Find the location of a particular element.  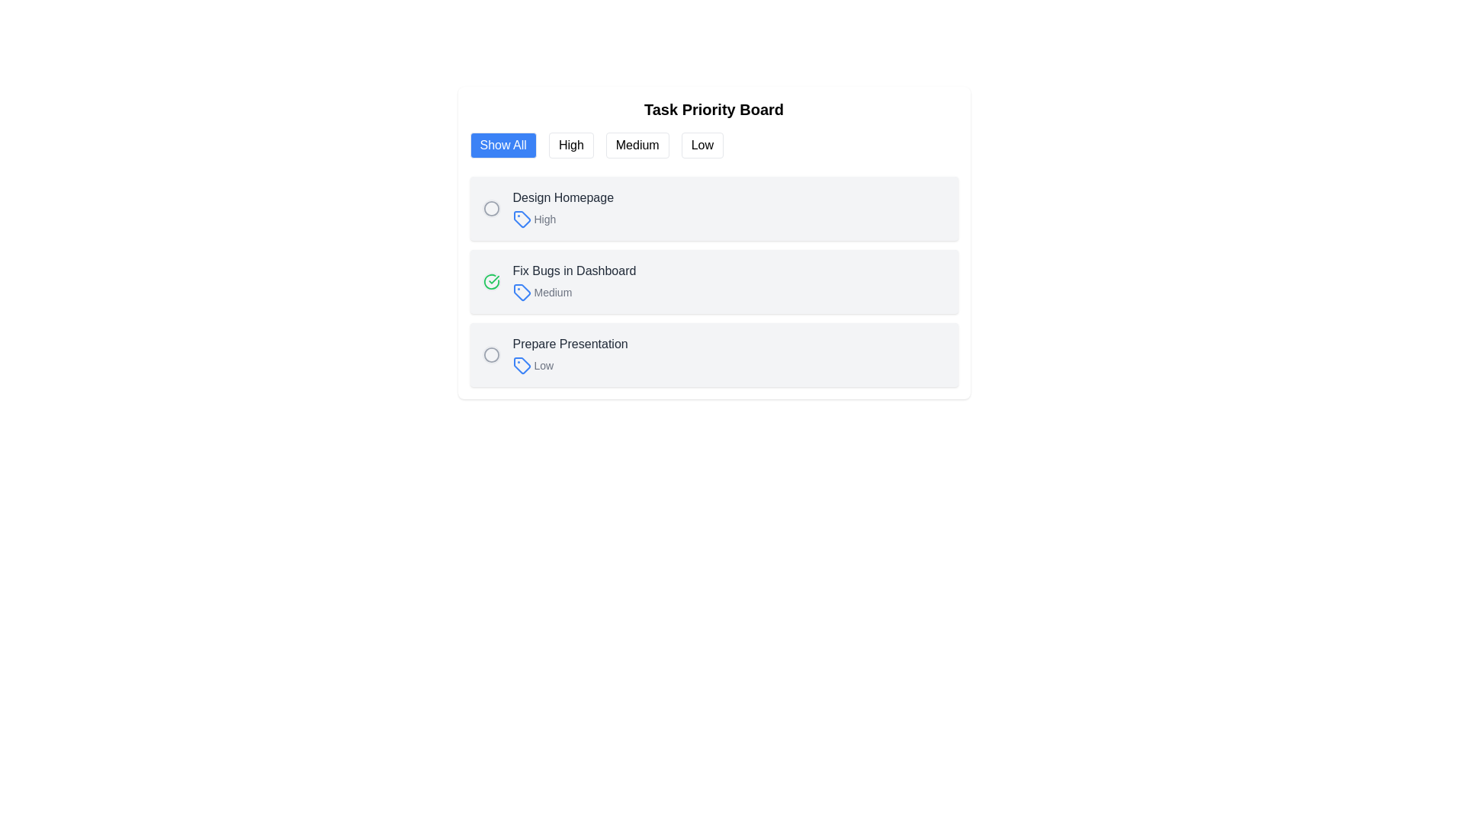

the 'Prepare Presentation' low-priority task Text Label with Icon, which is the third item in the task list under the 'Task Priority Board' is located at coordinates (570, 355).